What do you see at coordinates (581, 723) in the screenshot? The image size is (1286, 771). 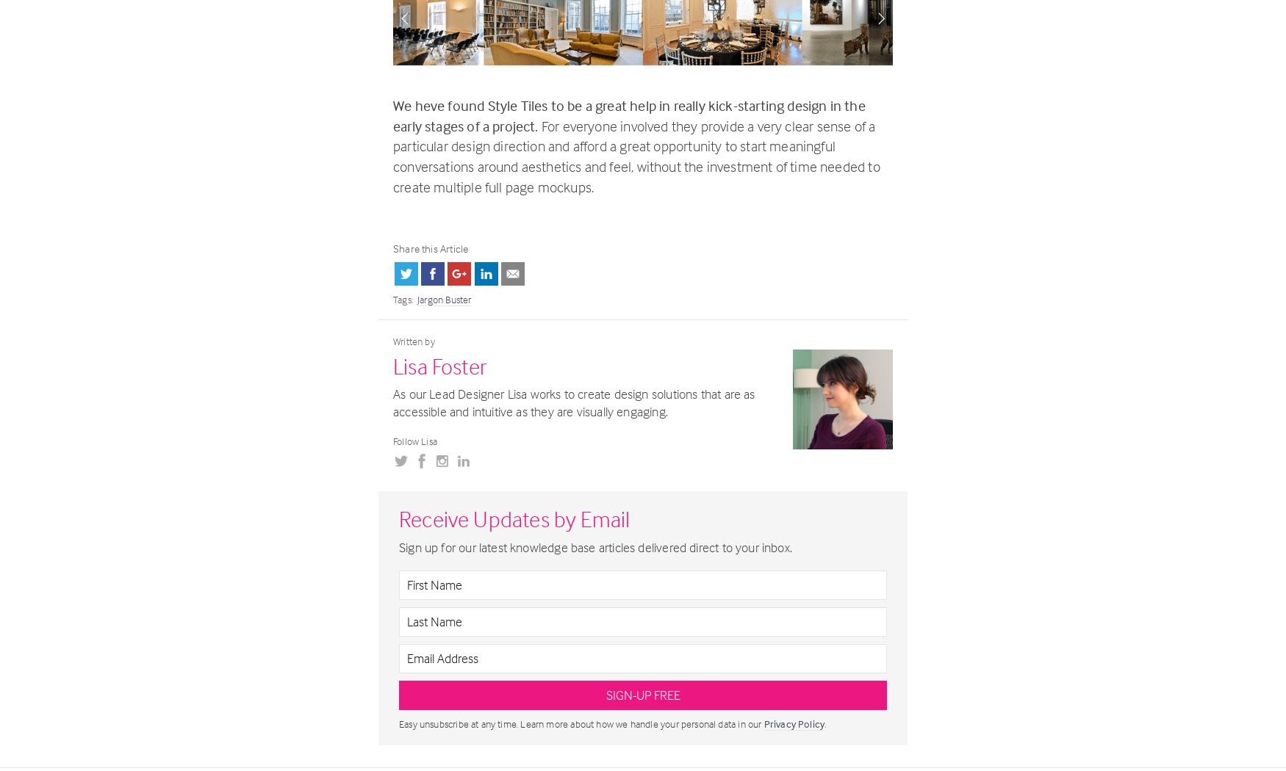 I see `'Easy unsubscribe at any time. Learn more about how we handle your personal data in our'` at bounding box center [581, 723].